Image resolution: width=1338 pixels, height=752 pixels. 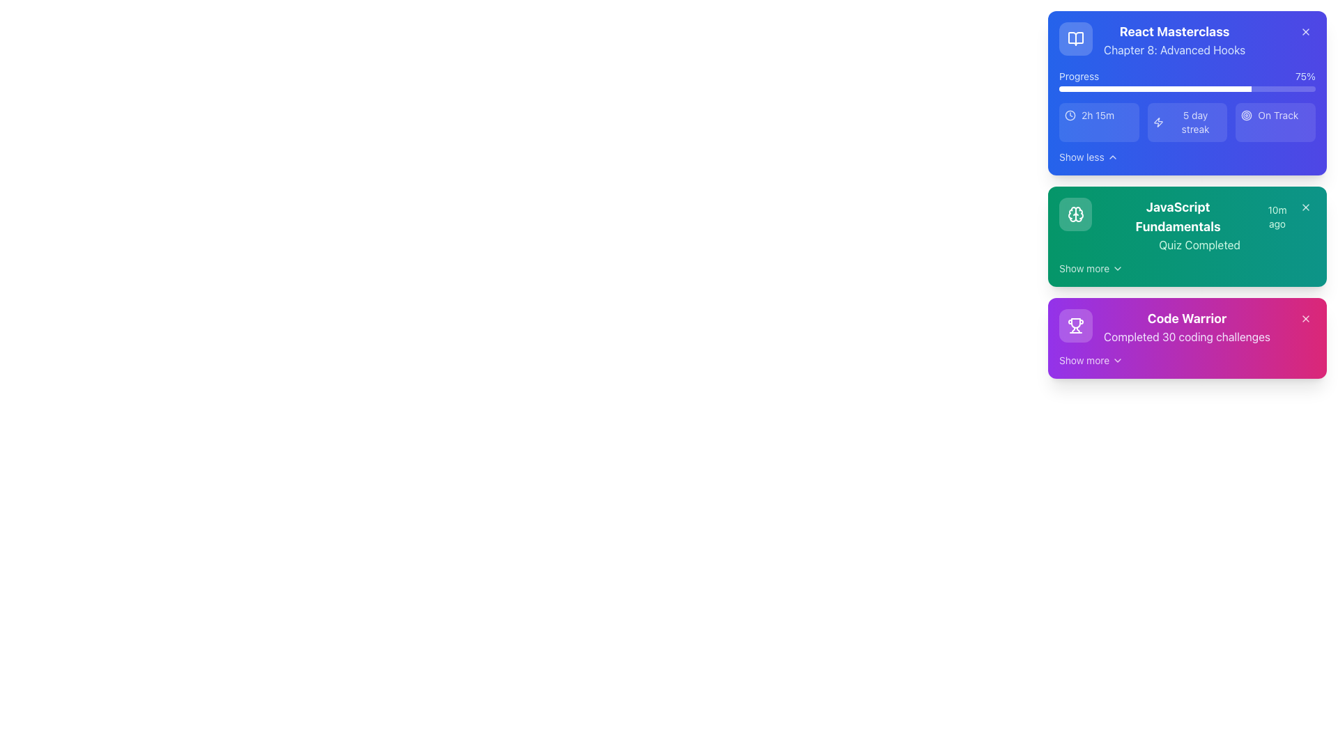 I want to click on the achievement icon displayed in the 'Code Warrior' card, which represents the accomplishment of 'Completed 30 coding challenges', so click(x=1075, y=325).